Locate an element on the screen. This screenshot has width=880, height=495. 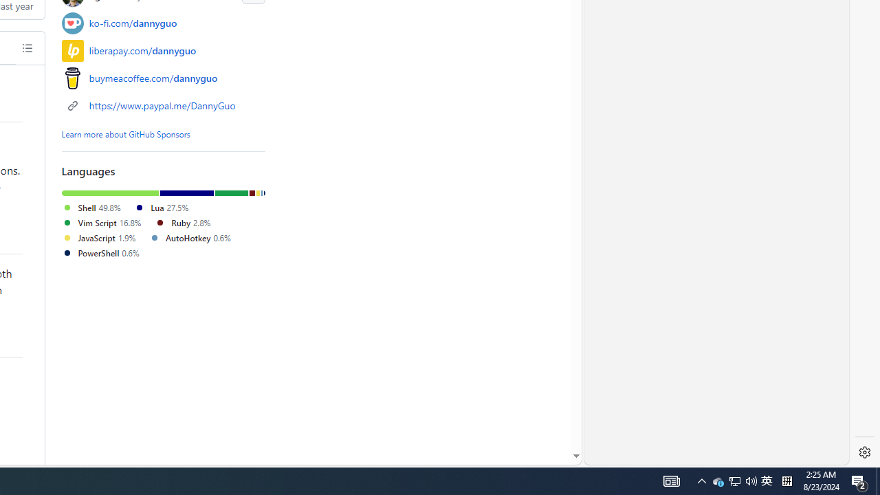
'Shell49.8%' is located at coordinates (97, 208).